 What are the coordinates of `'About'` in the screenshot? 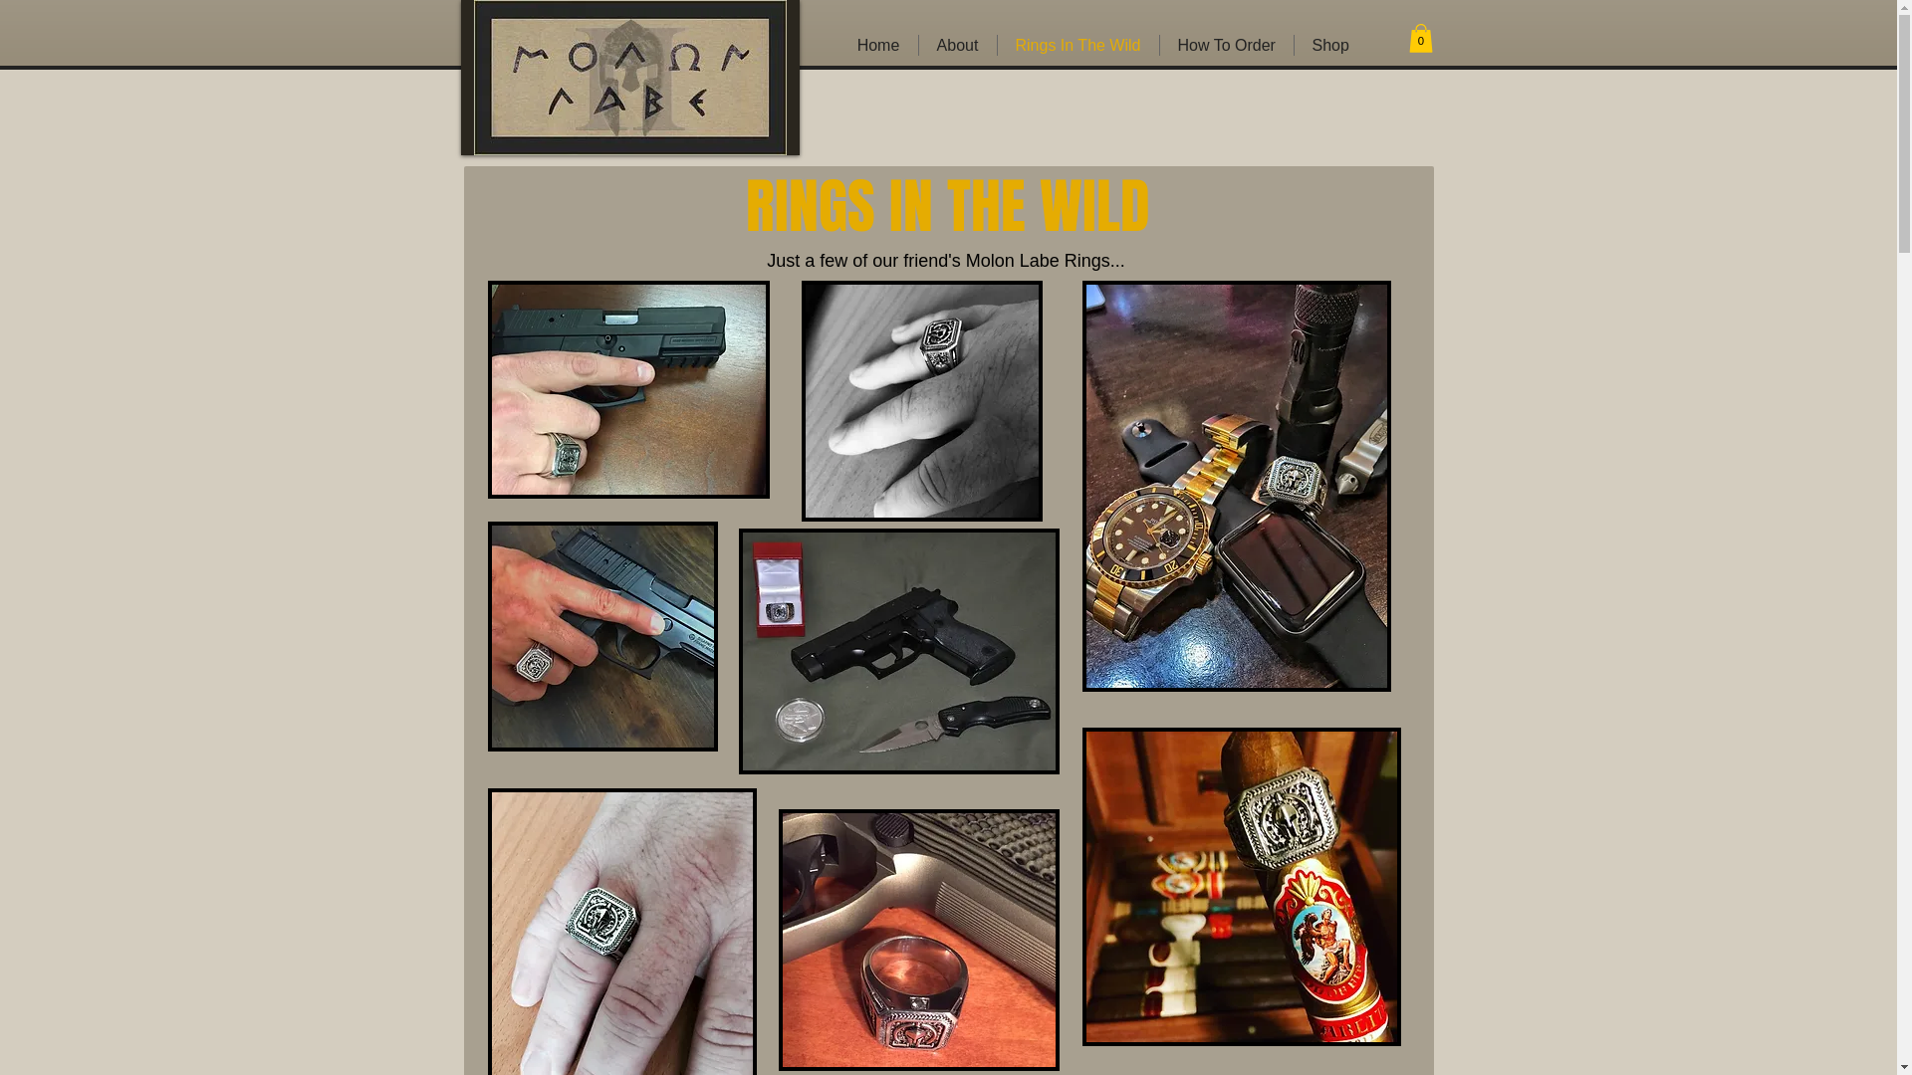 It's located at (916, 45).